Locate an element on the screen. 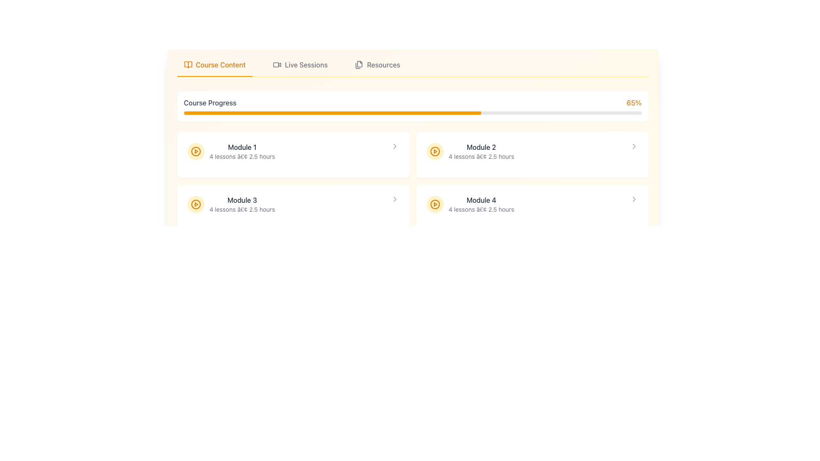 The image size is (820, 461). the progress value displayed on the progress bar labeled 'Course Progress' which shows '65%' on the right side is located at coordinates (413, 106).